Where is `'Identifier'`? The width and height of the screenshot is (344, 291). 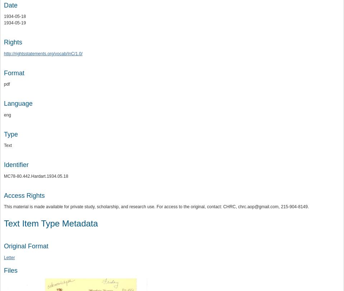
'Identifier' is located at coordinates (16, 164).